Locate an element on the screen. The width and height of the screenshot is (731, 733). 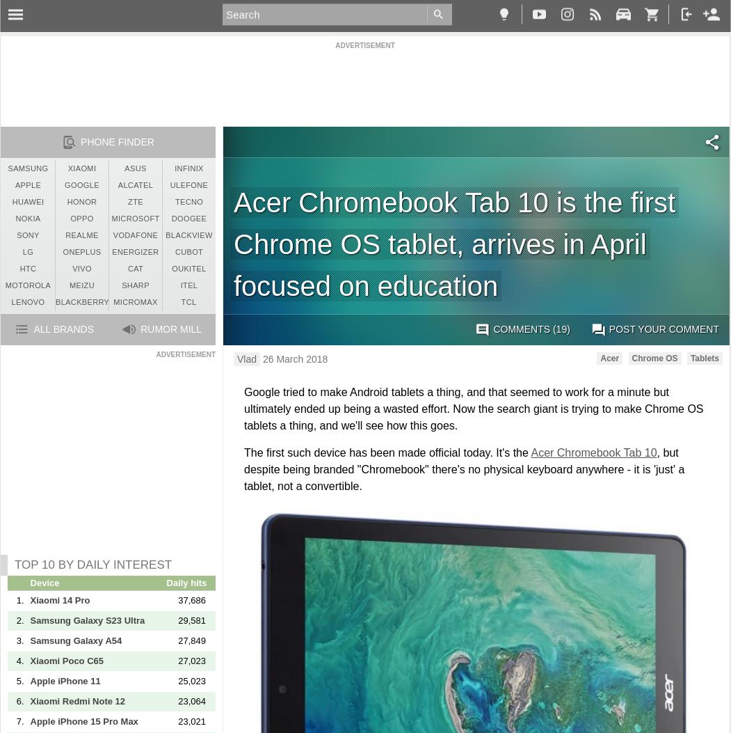
'Vodafone' is located at coordinates (135, 235).